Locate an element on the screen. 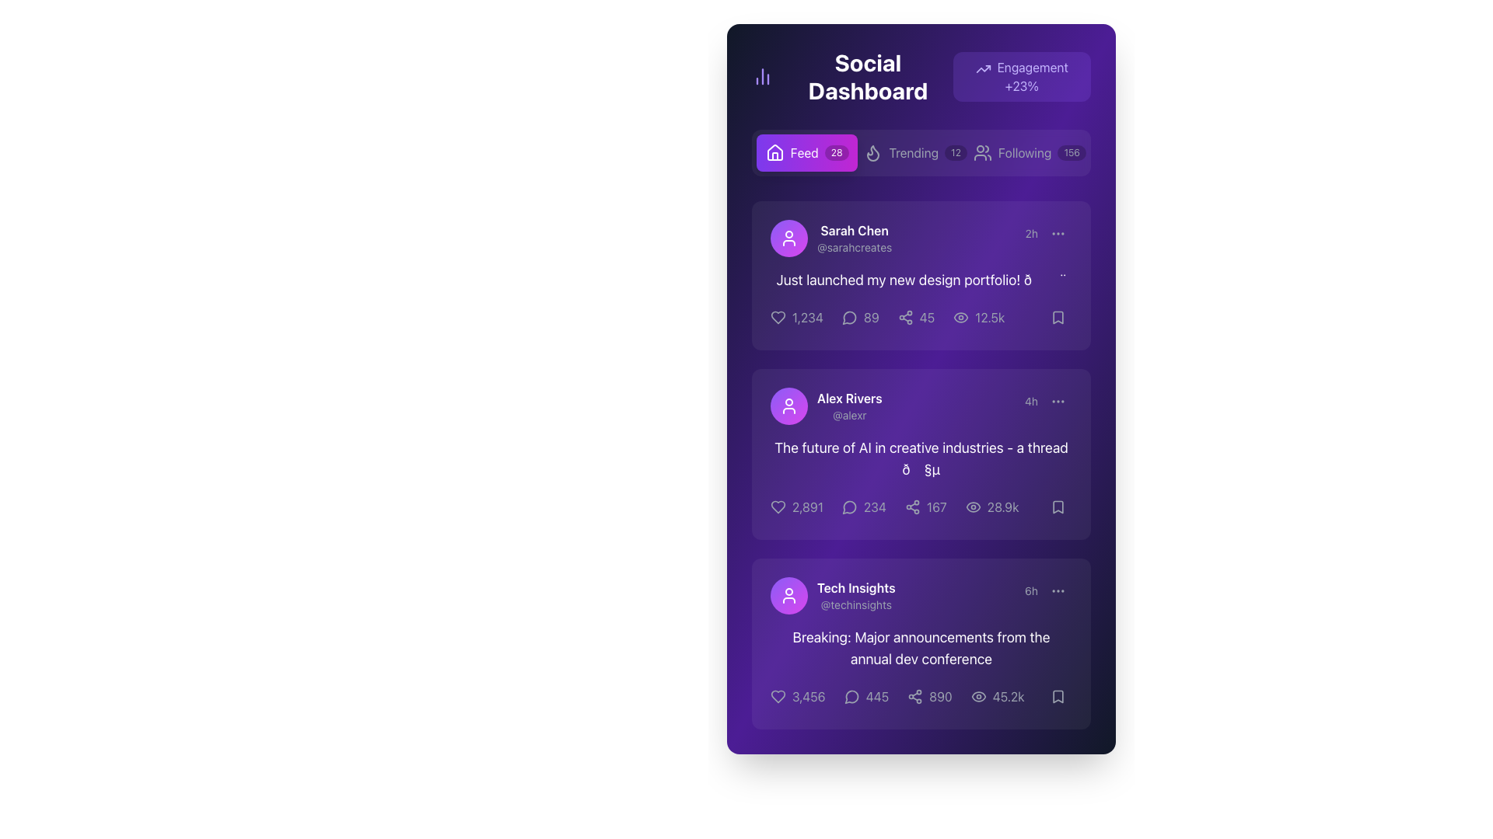  the engagement icon located at the top-right corner of the view, inside a purple badge with the text 'Engagement +23%' is located at coordinates (982, 68).